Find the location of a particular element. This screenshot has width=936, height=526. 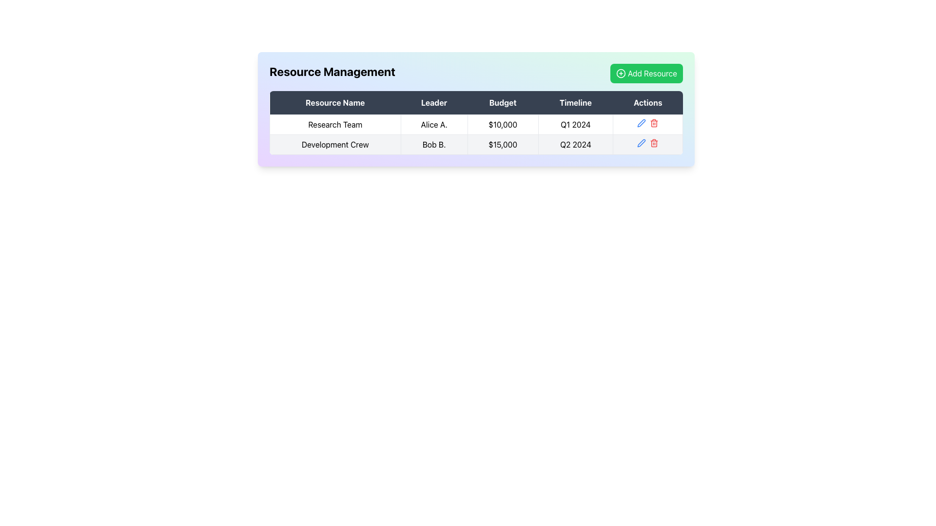

the 'Timeline' text label in the table header is located at coordinates (575, 103).